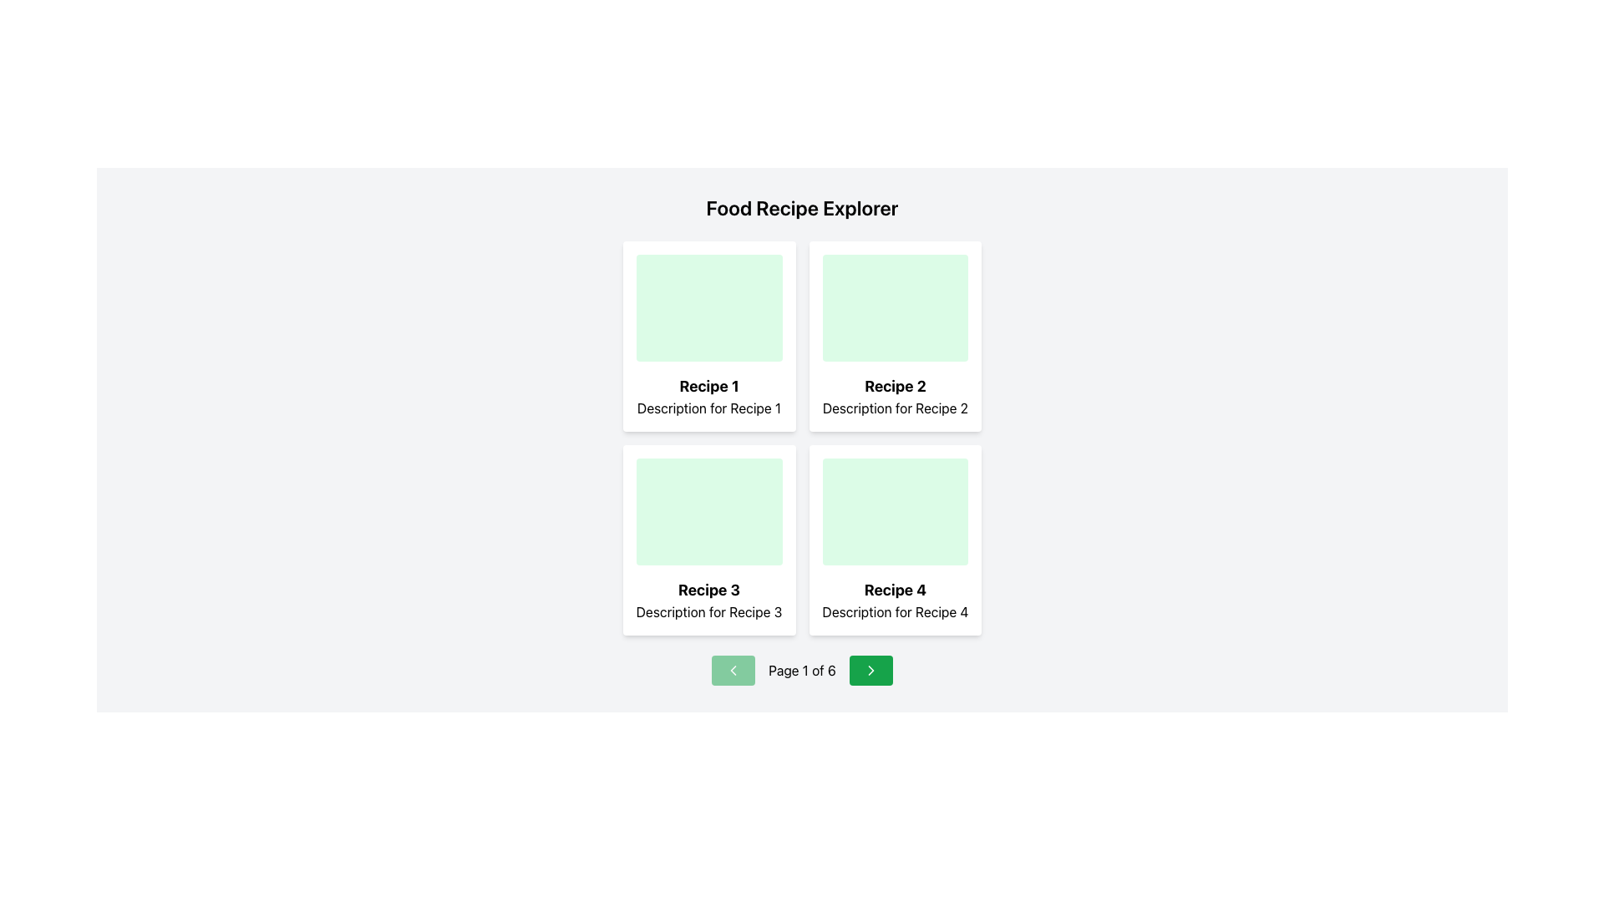 The image size is (1604, 902). What do you see at coordinates (802, 207) in the screenshot?
I see `the text label reading 'Food Recipe Explorer' which is prominently displayed in bold font near the top of the interface` at bounding box center [802, 207].